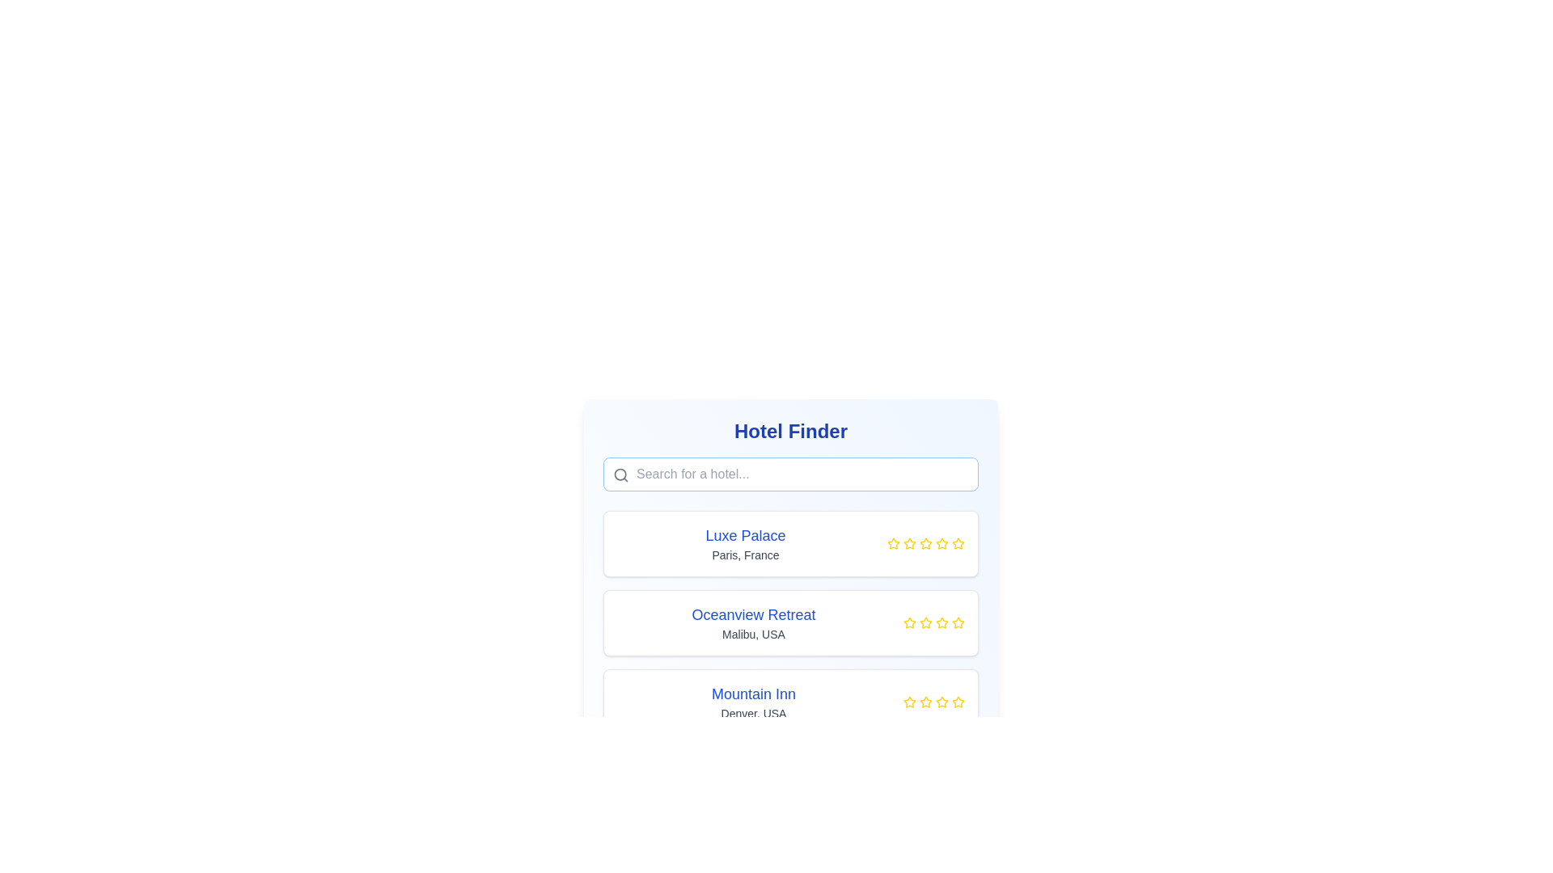 This screenshot has height=873, width=1553. What do you see at coordinates (791, 430) in the screenshot?
I see `the bold, large dark blue 'Hotel Finder' title text, which is centrally aligned at the top of the interface and positioned above the search box and hotel cards` at bounding box center [791, 430].